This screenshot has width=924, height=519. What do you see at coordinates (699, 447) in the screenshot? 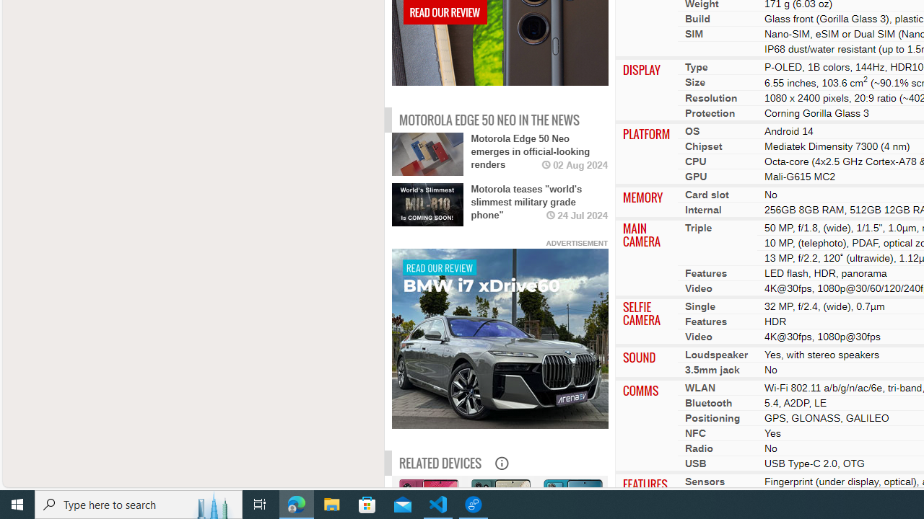
I see `'Radio'` at bounding box center [699, 447].